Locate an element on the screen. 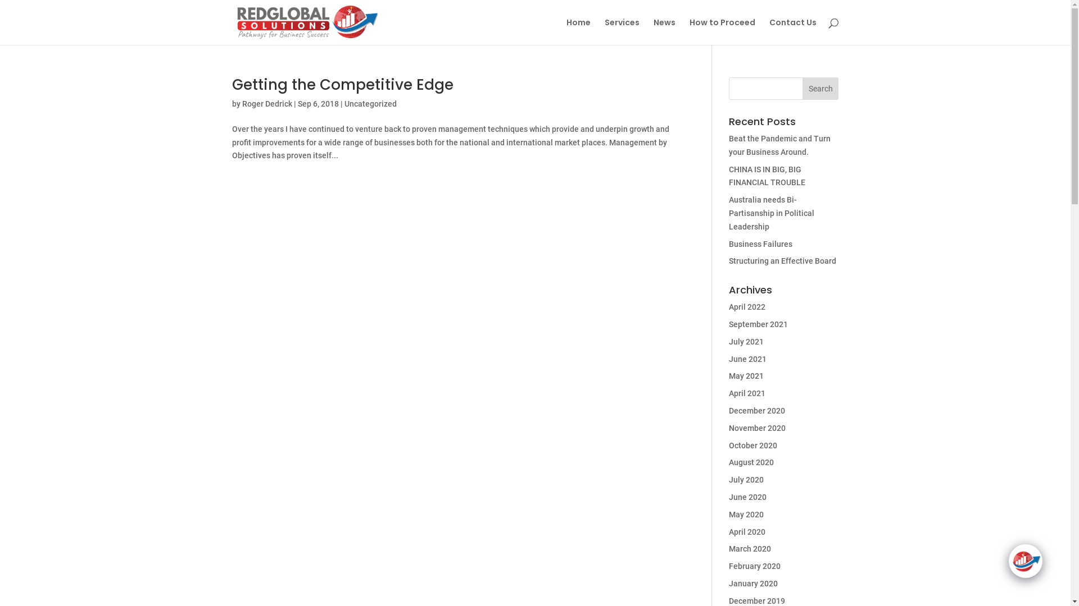 This screenshot has width=1079, height=606. 'Services' is located at coordinates (622, 31).